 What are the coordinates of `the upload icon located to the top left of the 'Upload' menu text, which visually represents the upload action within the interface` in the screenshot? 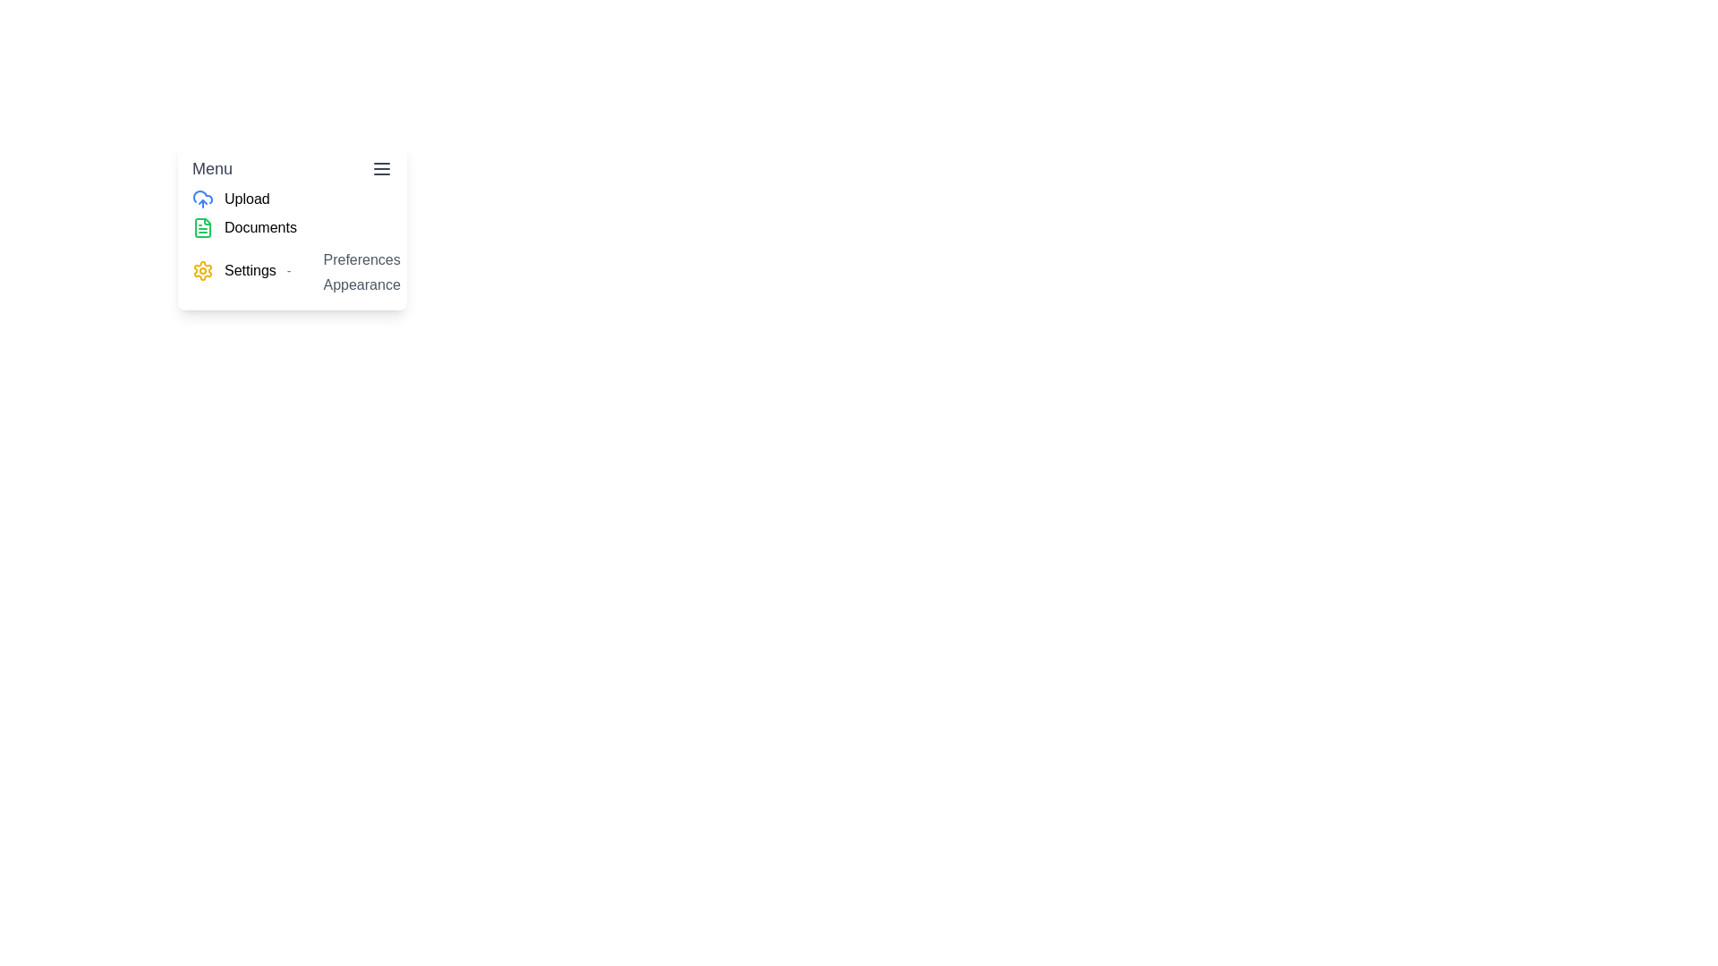 It's located at (202, 196).